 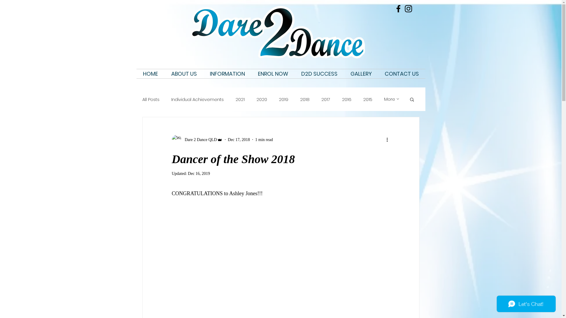 What do you see at coordinates (361, 73) in the screenshot?
I see `'GALLERY'` at bounding box center [361, 73].